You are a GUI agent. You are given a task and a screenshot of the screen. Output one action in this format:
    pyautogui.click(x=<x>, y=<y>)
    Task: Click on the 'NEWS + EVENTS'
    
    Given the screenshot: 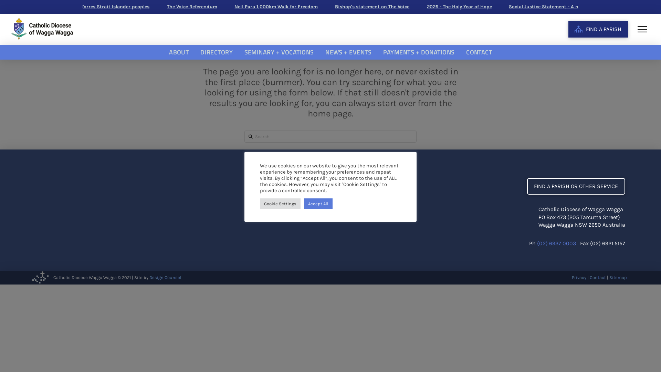 What is the action you would take?
    pyautogui.click(x=319, y=52)
    